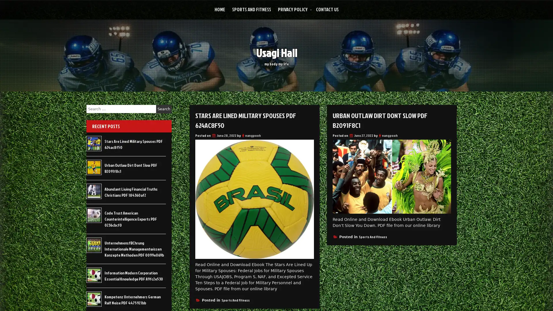 This screenshot has height=311, width=553. What do you see at coordinates (164, 109) in the screenshot?
I see `Search` at bounding box center [164, 109].